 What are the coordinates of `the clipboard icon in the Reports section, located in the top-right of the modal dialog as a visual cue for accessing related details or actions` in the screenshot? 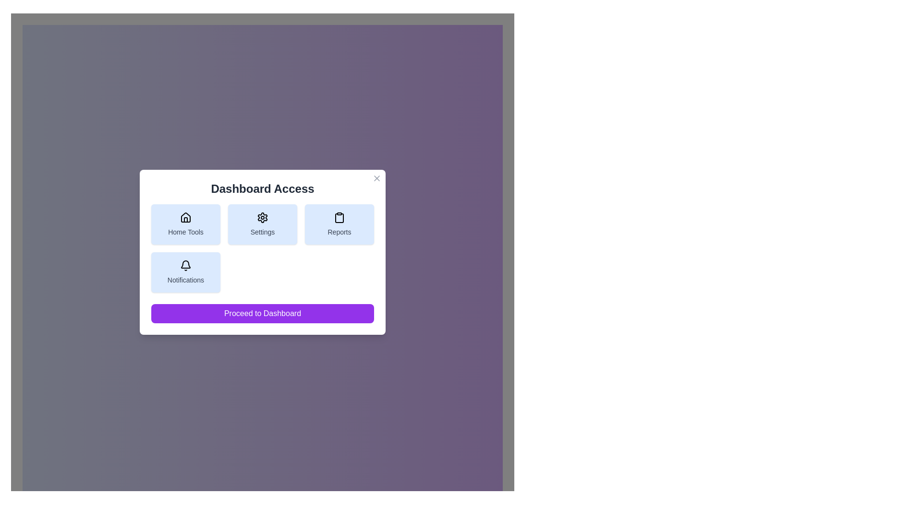 It's located at (339, 218).